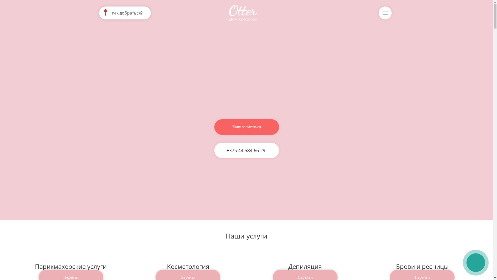 This screenshot has height=280, width=497. I want to click on '+375 44 584 66 29', so click(245, 150).